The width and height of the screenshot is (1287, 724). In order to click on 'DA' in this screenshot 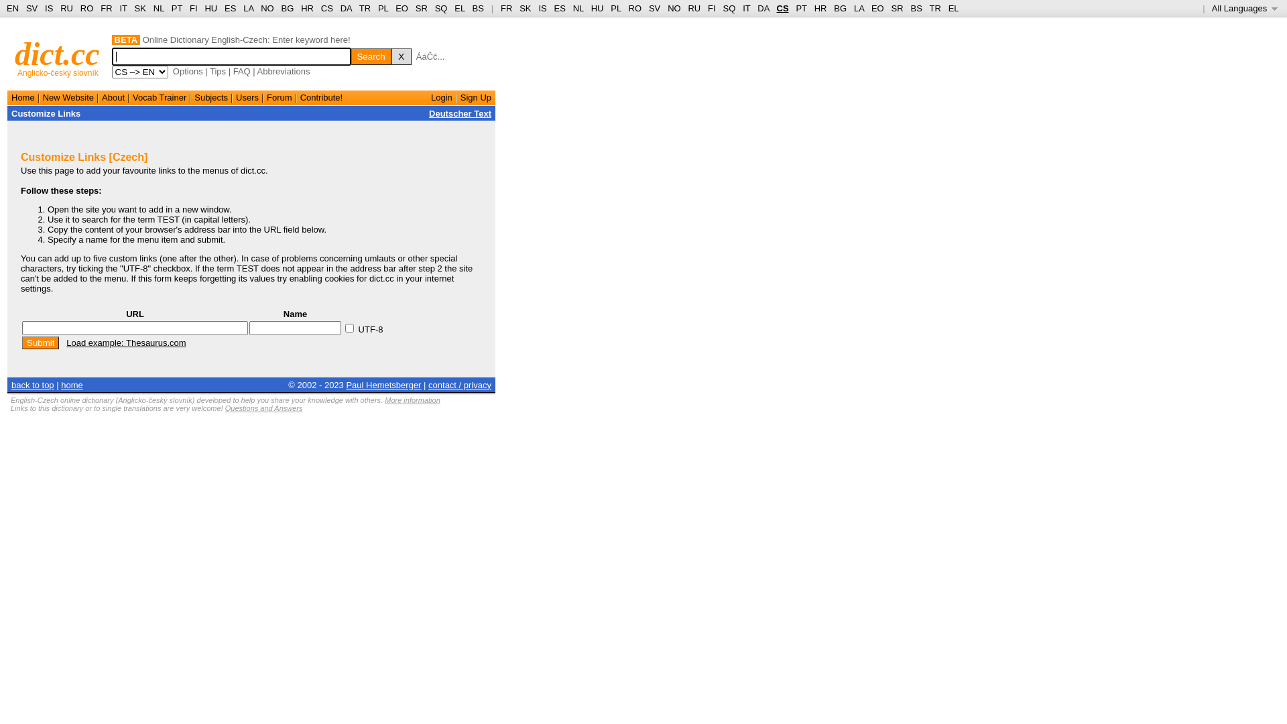, I will do `click(763, 8)`.